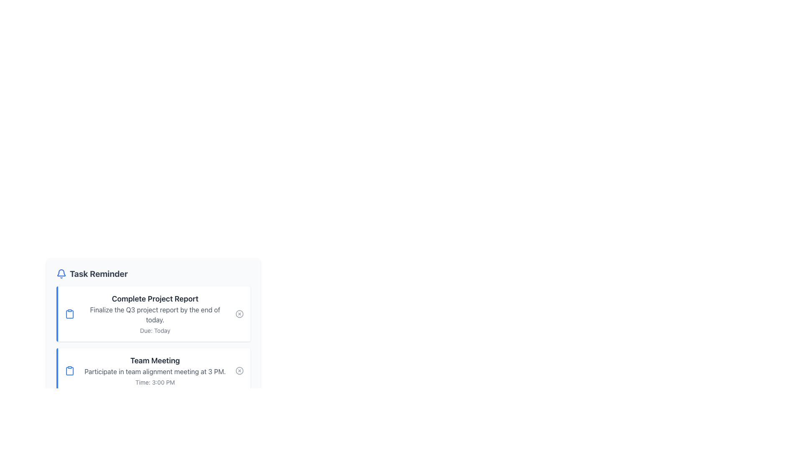  I want to click on the circular icon with a cross in its center in the Task Reminder section, so click(239, 314).